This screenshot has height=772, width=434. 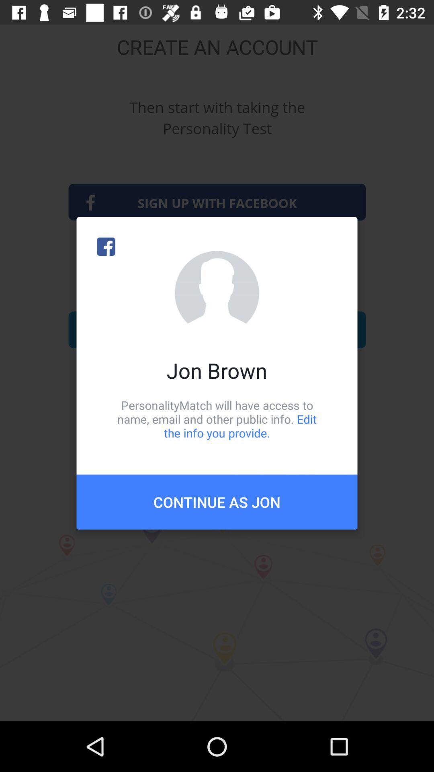 I want to click on the item above continue as jon, so click(x=217, y=419).